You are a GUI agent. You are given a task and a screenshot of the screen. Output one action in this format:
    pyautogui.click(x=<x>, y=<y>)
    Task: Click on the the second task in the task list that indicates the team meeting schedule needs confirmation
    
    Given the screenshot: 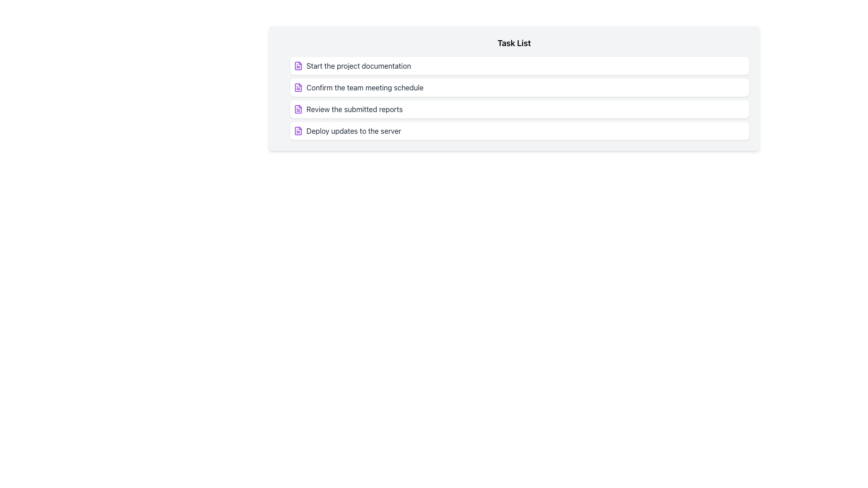 What is the action you would take?
    pyautogui.click(x=519, y=87)
    